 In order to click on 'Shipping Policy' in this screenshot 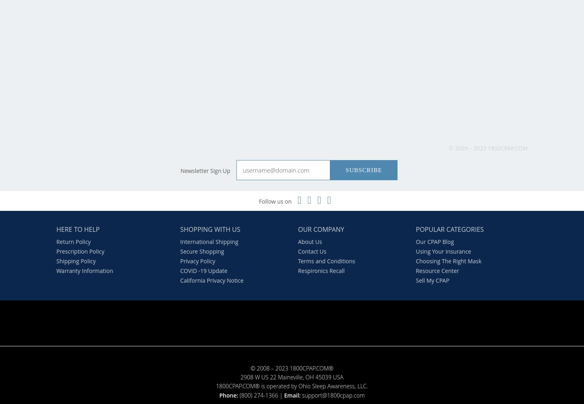, I will do `click(75, 260)`.